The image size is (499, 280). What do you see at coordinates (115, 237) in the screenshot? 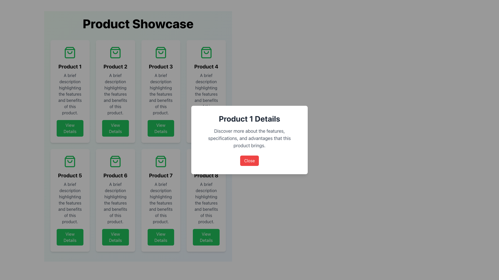
I see `the button located at the bottom center of the 'Product 6' card` at bounding box center [115, 237].